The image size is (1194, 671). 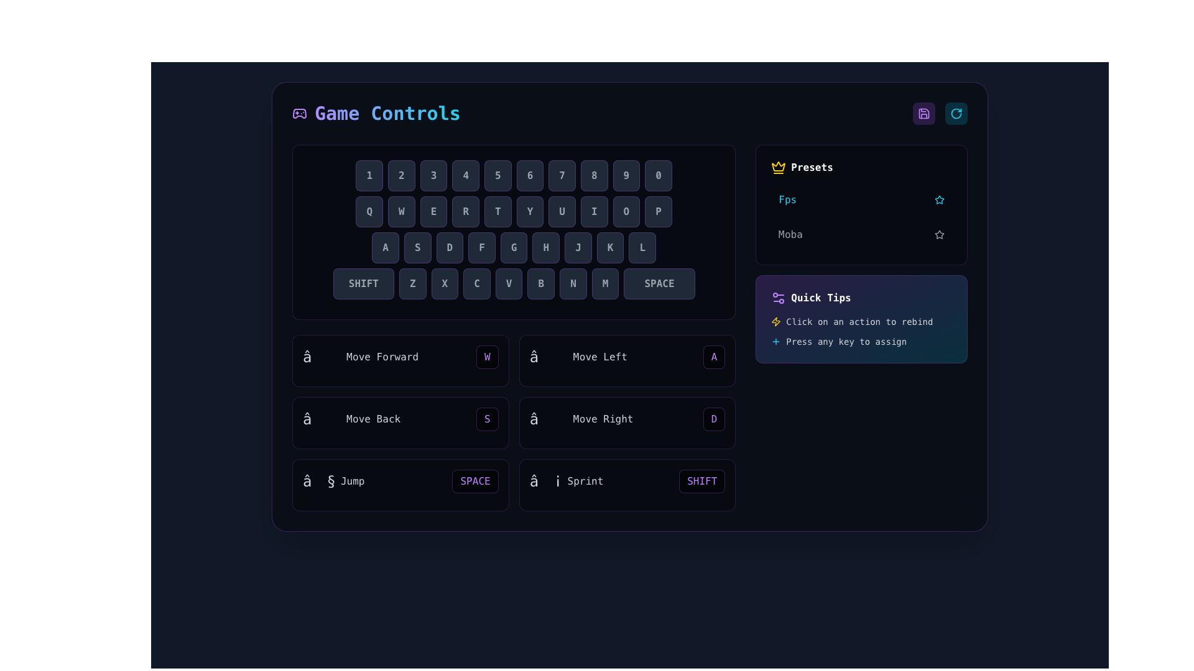 I want to click on the 'W' button in the 'Move Forward' section of the Game Controls interface, styled with a purple font color and dark semi-transparent background, so click(x=486, y=357).